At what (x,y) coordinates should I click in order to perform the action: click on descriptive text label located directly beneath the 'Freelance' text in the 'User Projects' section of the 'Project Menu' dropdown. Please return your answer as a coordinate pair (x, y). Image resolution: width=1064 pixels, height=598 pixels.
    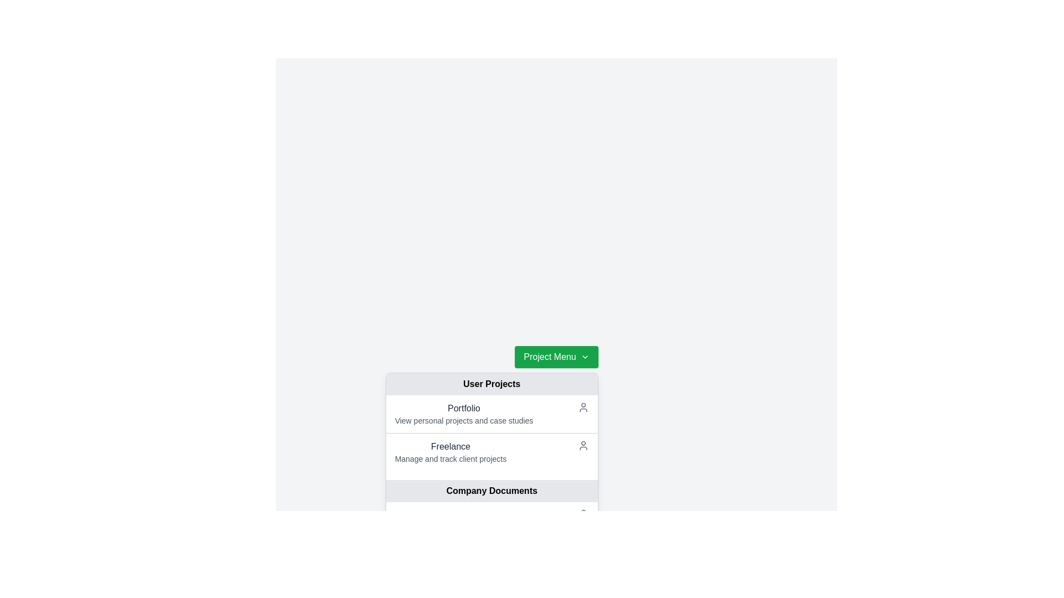
    Looking at the image, I should click on (451, 459).